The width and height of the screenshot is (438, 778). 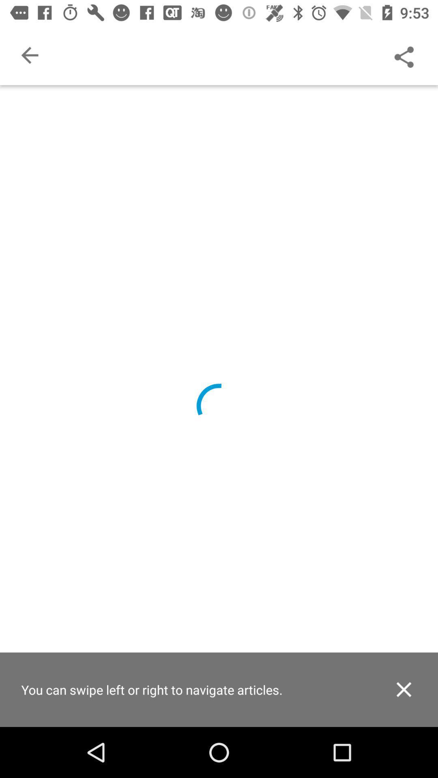 I want to click on the item at the top right corner, so click(x=404, y=55).